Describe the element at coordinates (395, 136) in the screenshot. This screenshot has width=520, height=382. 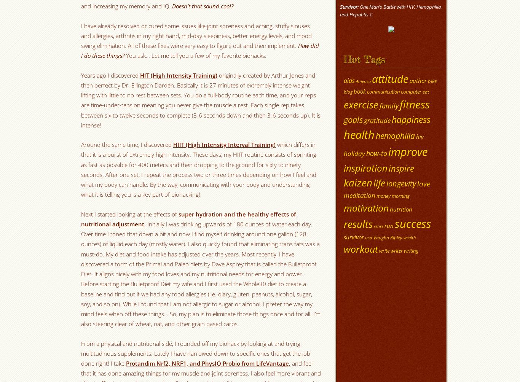
I see `'hemophilia'` at that location.